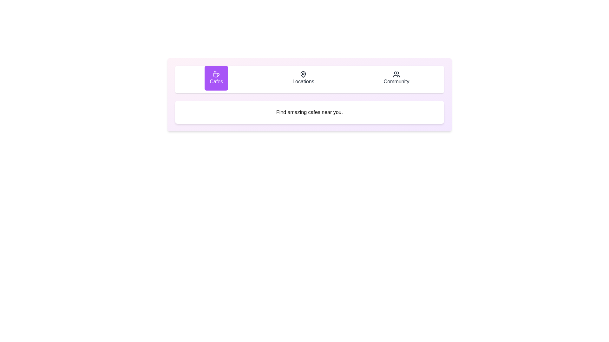 This screenshot has height=342, width=609. I want to click on the button labeled 'Locations' which has a map pin icon above the text, so click(303, 78).